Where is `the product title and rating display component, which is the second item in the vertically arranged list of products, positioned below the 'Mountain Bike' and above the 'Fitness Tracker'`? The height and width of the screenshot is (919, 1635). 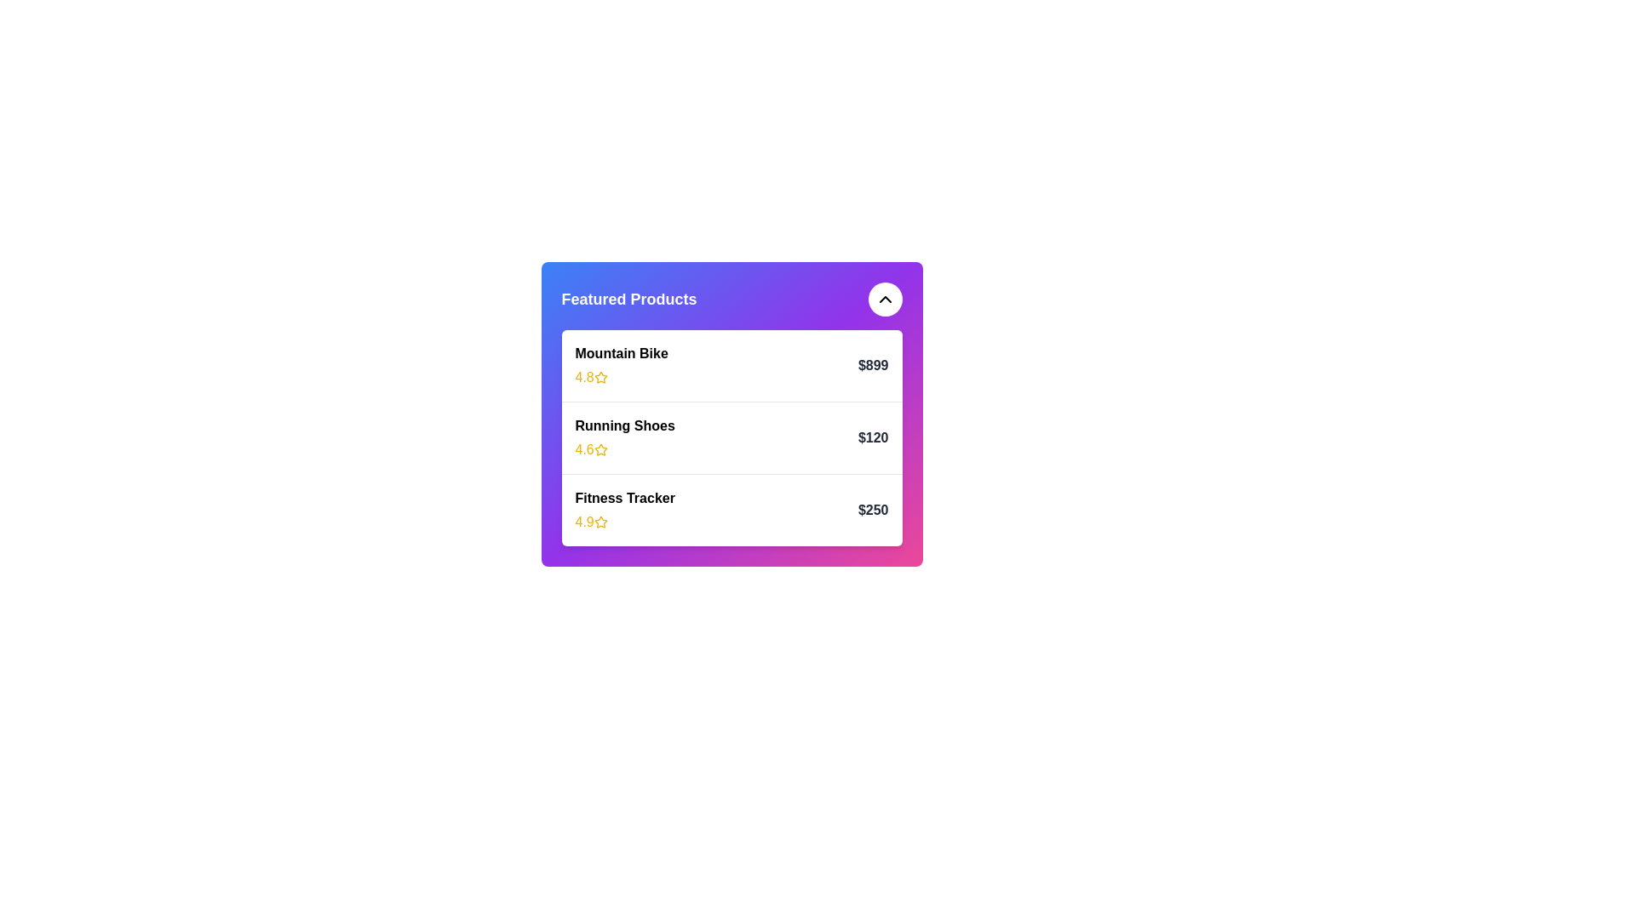 the product title and rating display component, which is the second item in the vertically arranged list of products, positioned below the 'Mountain Bike' and above the 'Fitness Tracker' is located at coordinates (624, 437).